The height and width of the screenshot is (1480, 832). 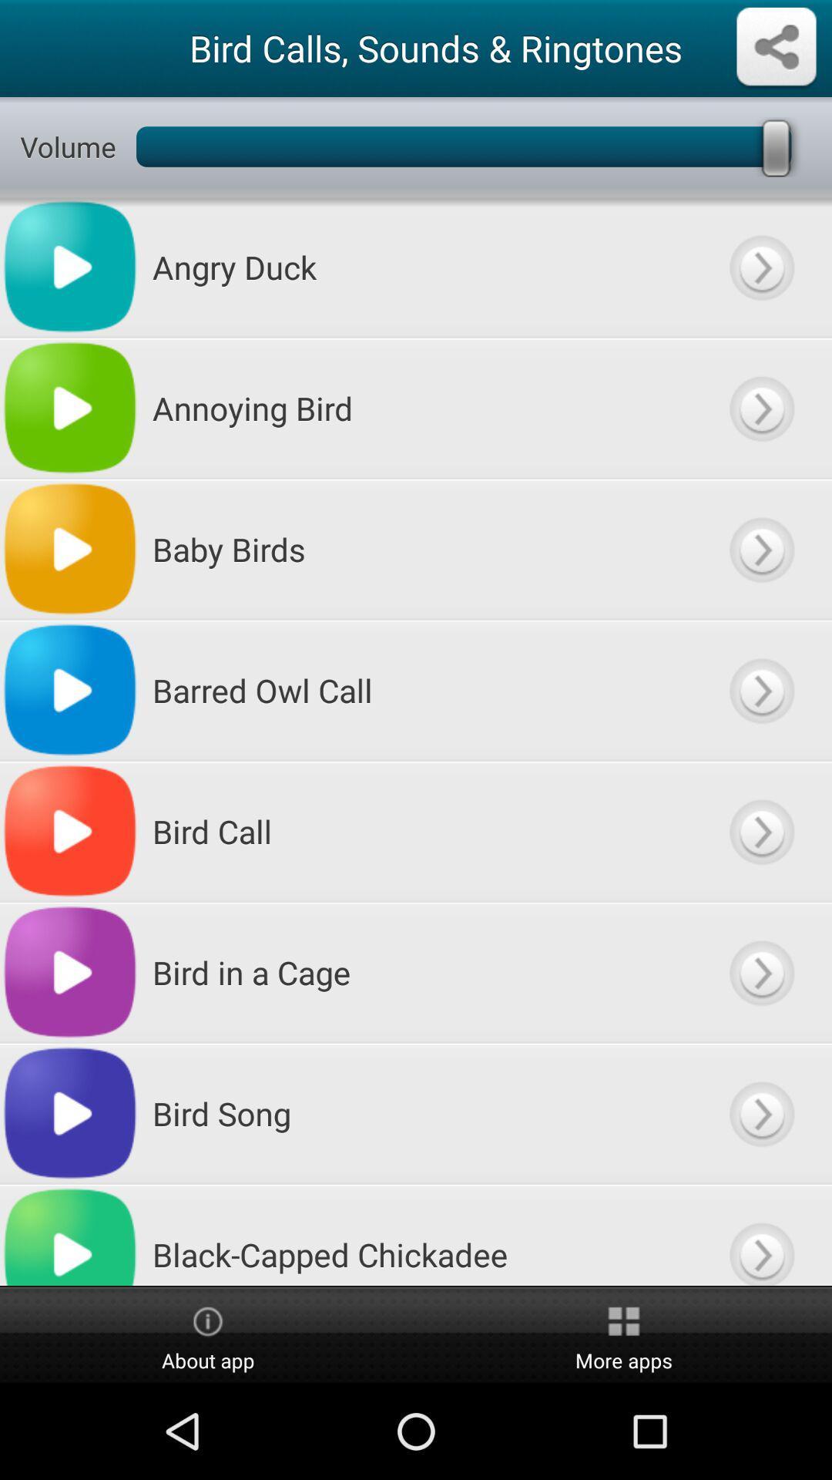 What do you see at coordinates (776, 48) in the screenshot?
I see `share option` at bounding box center [776, 48].